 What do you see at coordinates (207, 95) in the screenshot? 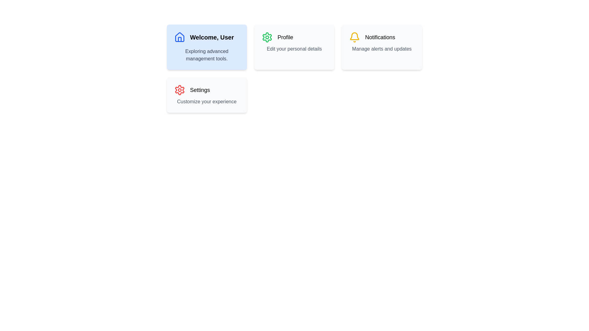
I see `the navigation card element located in the lower-left portion of the grid layout, directly below the 'Welcome, User' card` at bounding box center [207, 95].